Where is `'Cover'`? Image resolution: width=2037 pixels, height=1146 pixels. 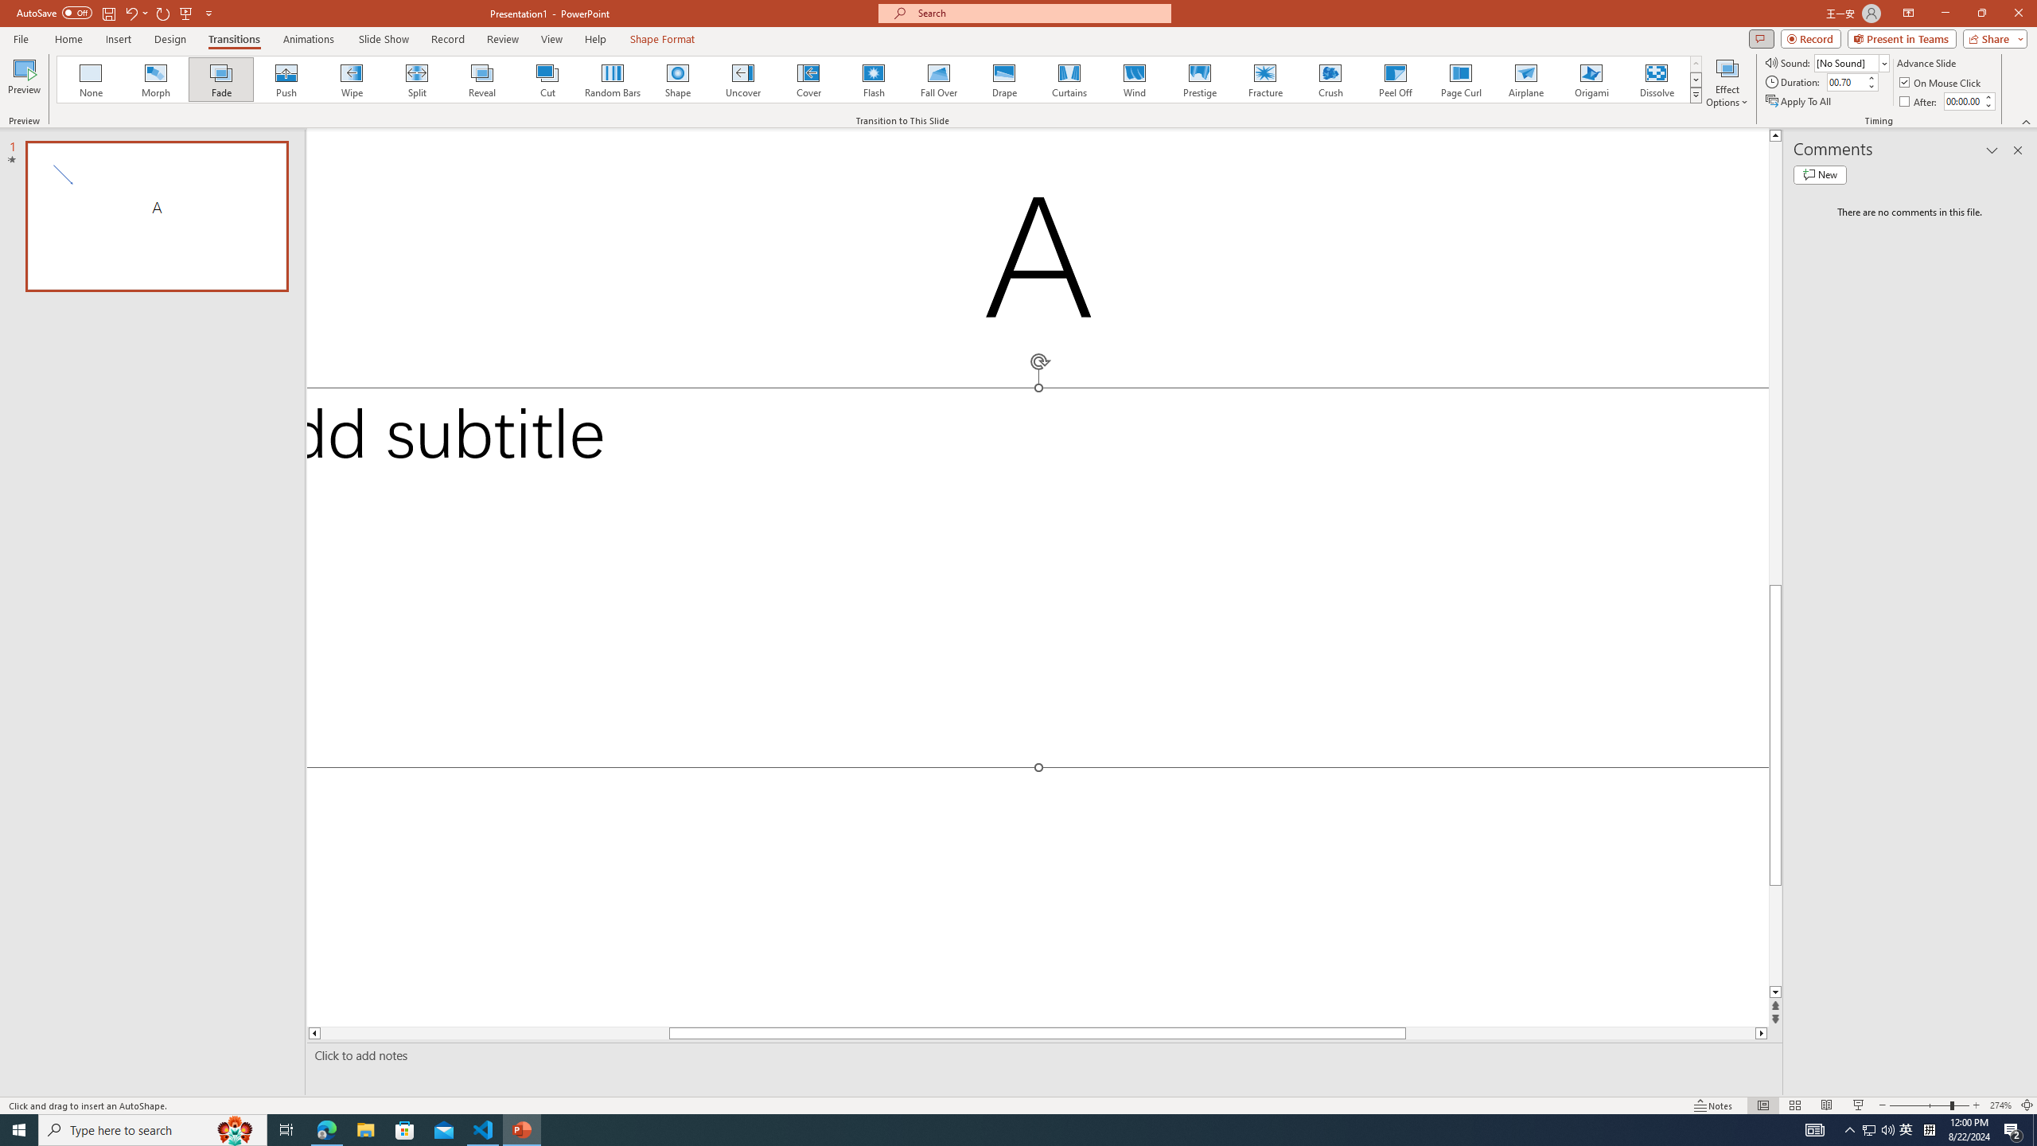
'Cover' is located at coordinates (808, 79).